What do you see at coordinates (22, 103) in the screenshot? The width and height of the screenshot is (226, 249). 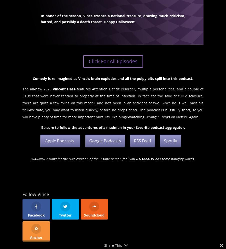 I see `'features Attention Deficit Disorder, multiple personalities, and a couple of STDs that were never tended to properly at the time of infection. In fact, for the sake of full disclosure, there are quite a few miles on this model, and he’s been in an accident or two. Since he is well past his ‘sell-by’ date, you may want to listen quickly, before he drops dead. The podcast is blissfully short, so you will have plenty of time for more important pursuits, like binge-watching'` at bounding box center [22, 103].